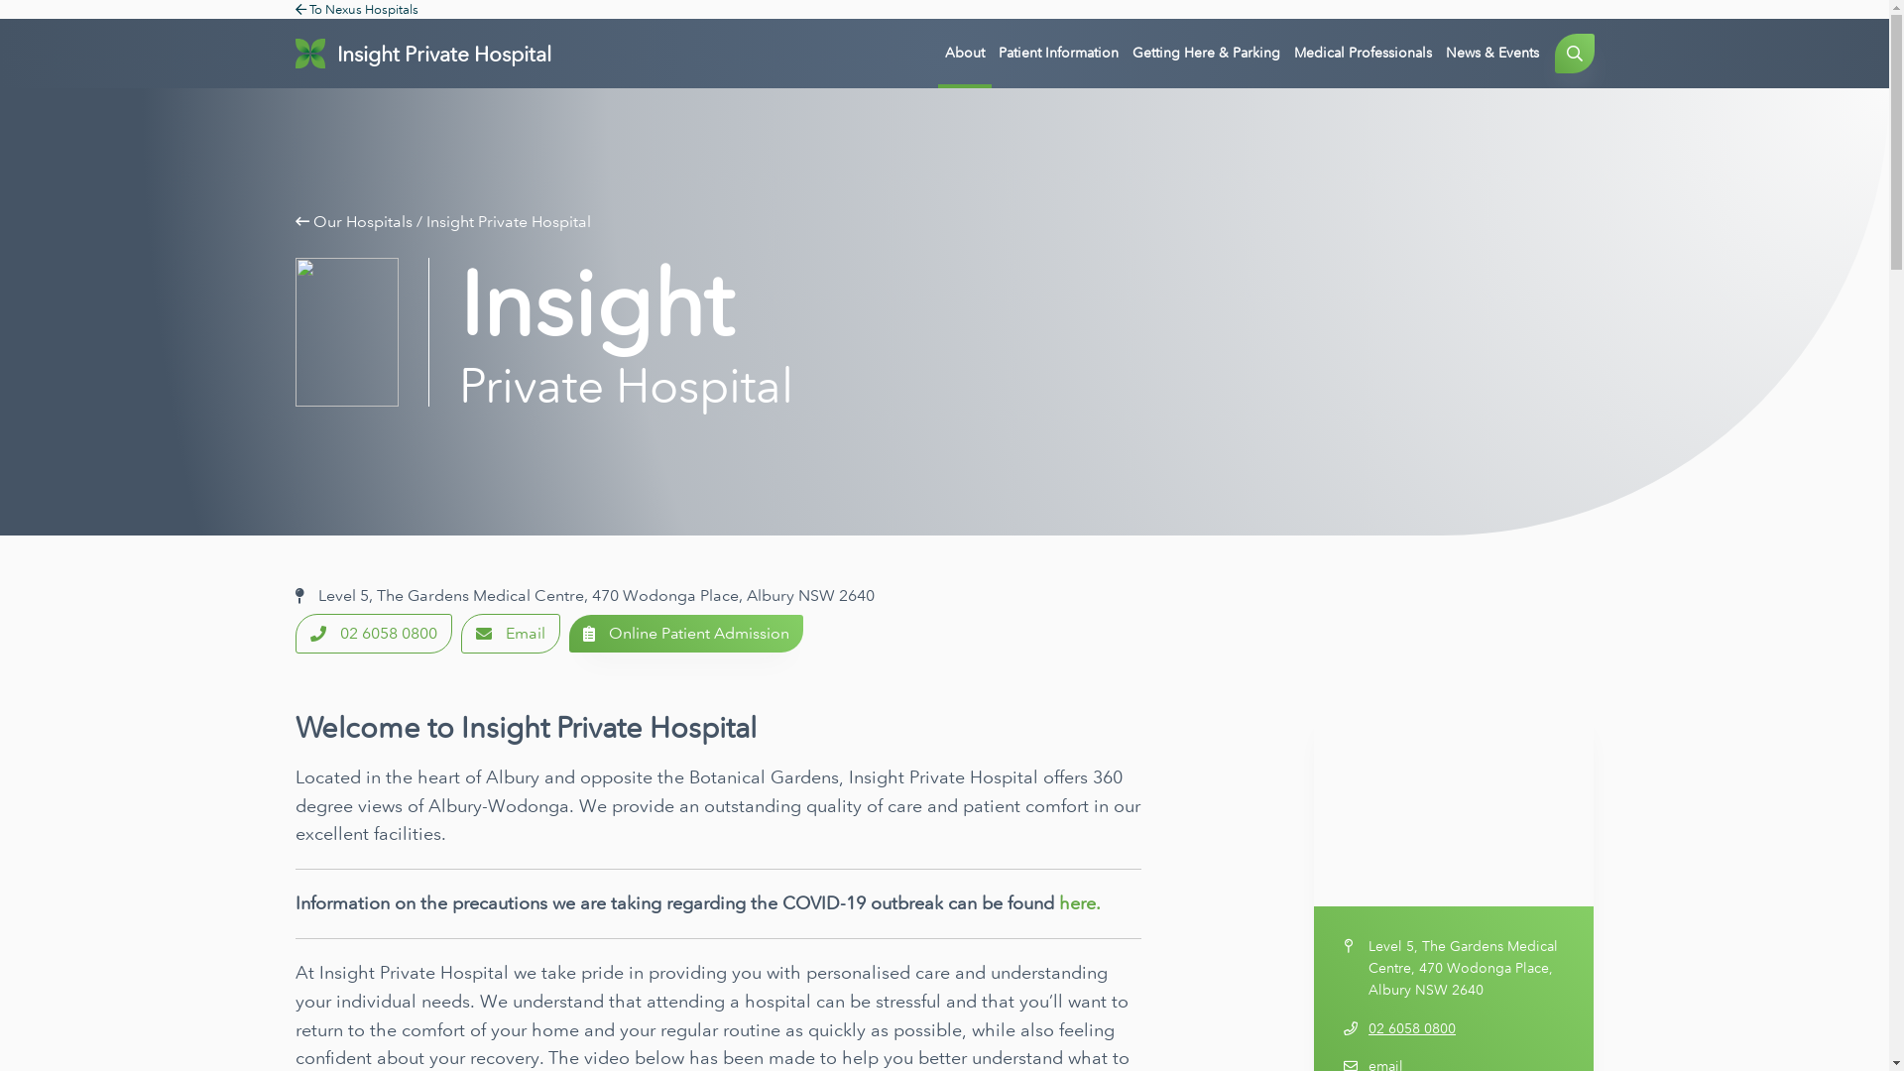 This screenshot has width=1904, height=1071. I want to click on 'Our Hospitals', so click(362, 221).